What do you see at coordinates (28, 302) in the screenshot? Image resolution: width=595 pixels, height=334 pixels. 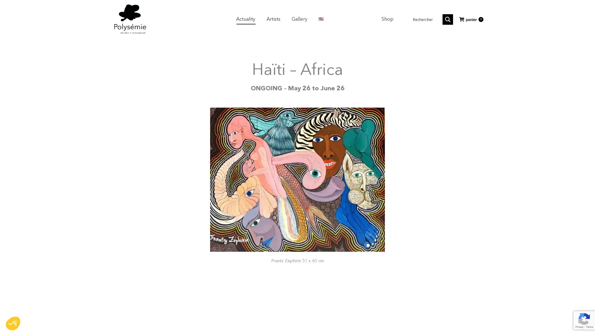 I see `Non merci` at bounding box center [28, 302].